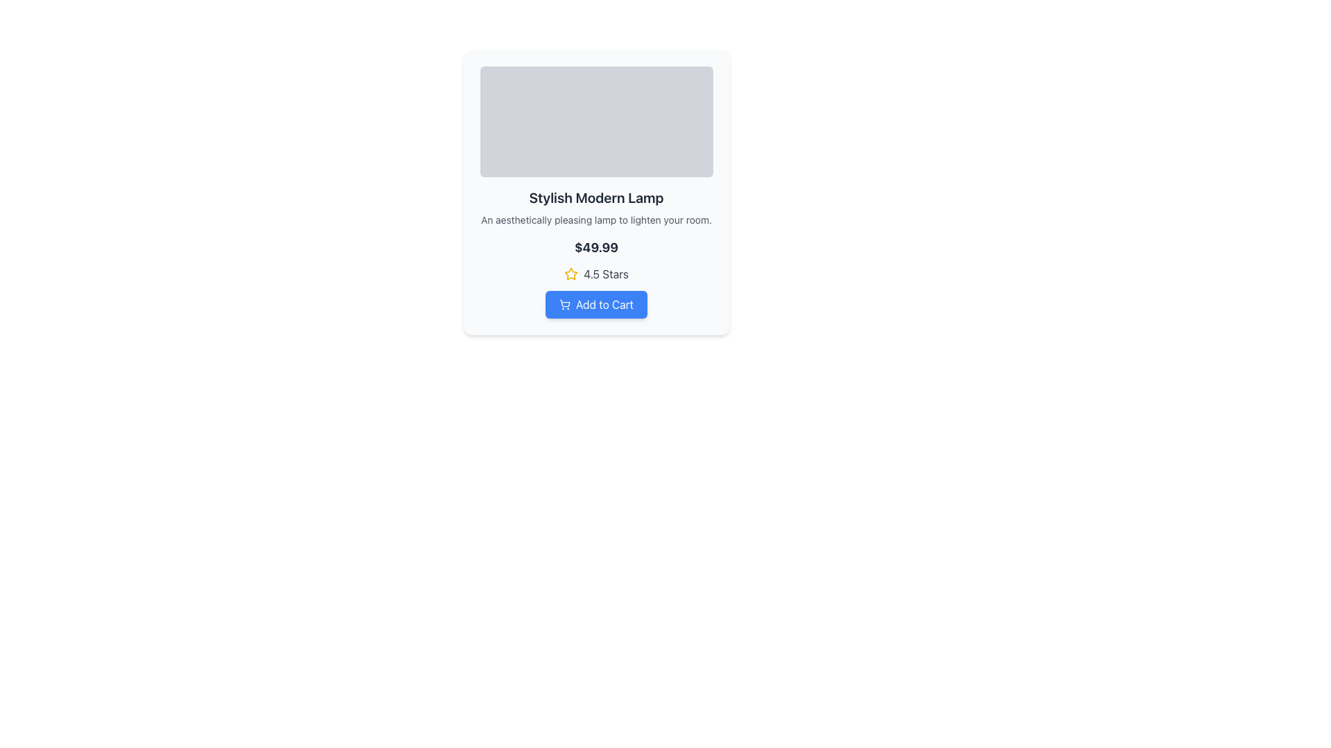  Describe the element at coordinates (596, 247) in the screenshot. I see `price information displayed in the bold text label showing '$49.99', which is centrally aligned below the product title and description on the product card` at that location.